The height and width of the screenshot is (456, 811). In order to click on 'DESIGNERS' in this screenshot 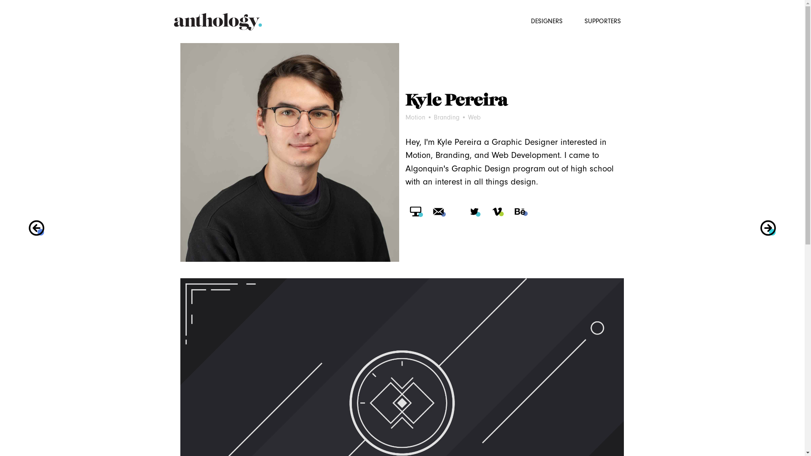, I will do `click(524, 19)`.